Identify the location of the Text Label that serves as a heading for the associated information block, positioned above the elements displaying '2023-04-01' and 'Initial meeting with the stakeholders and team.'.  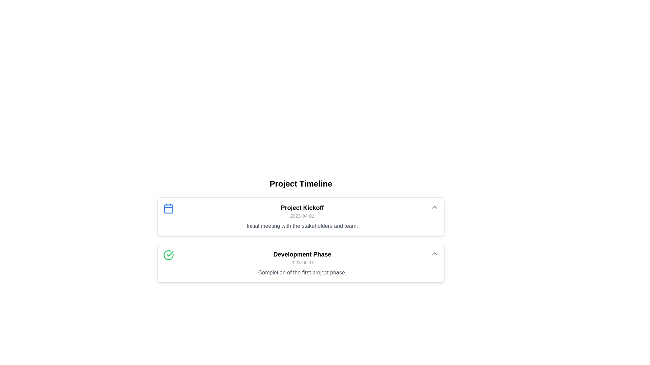
(302, 207).